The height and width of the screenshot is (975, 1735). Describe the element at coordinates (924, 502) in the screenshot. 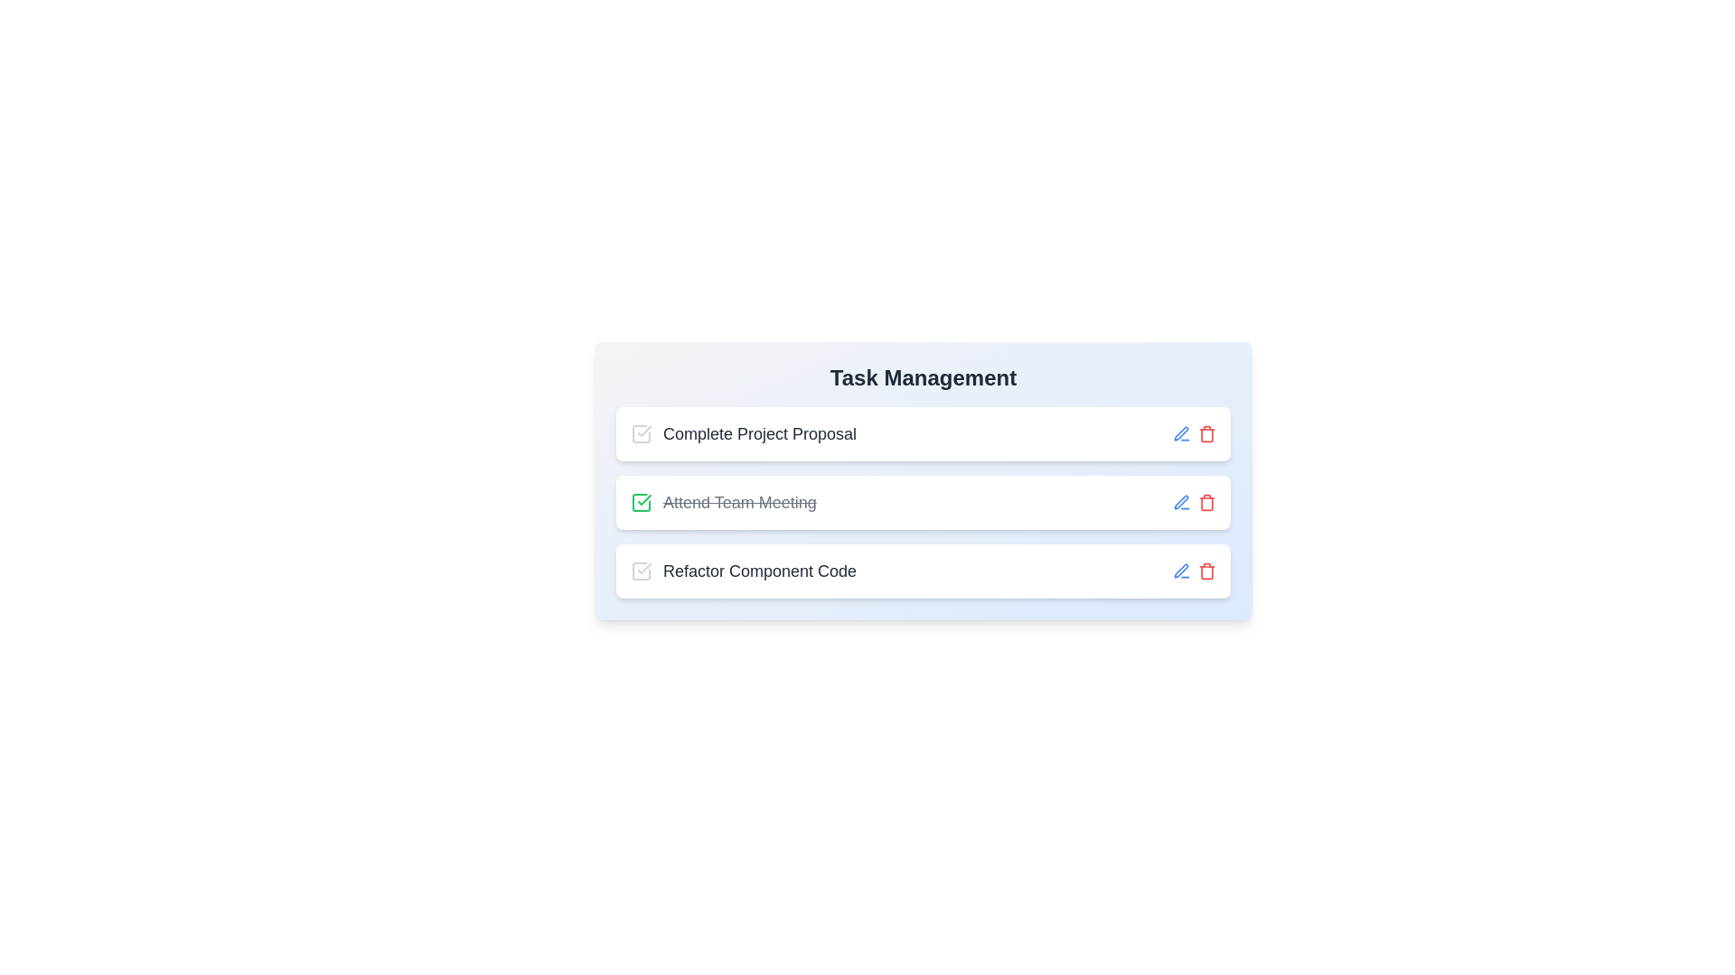

I see `the checkbox of the second task entry in the Task Management panel` at that location.